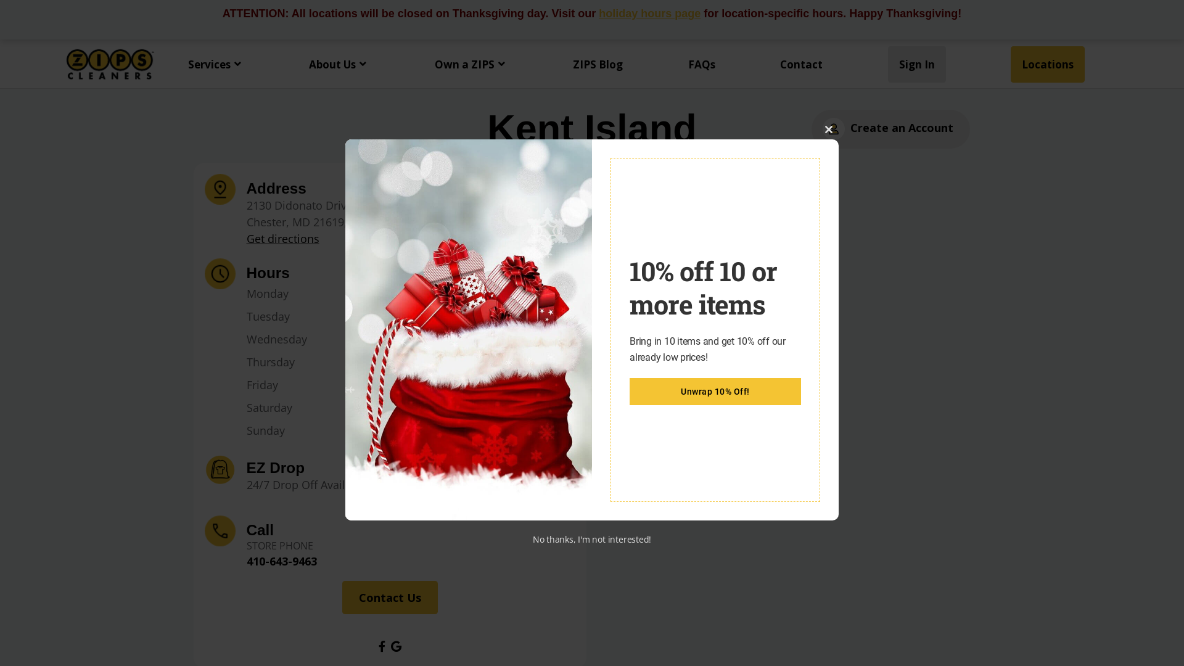  What do you see at coordinates (701, 64) in the screenshot?
I see `'FAQs'` at bounding box center [701, 64].